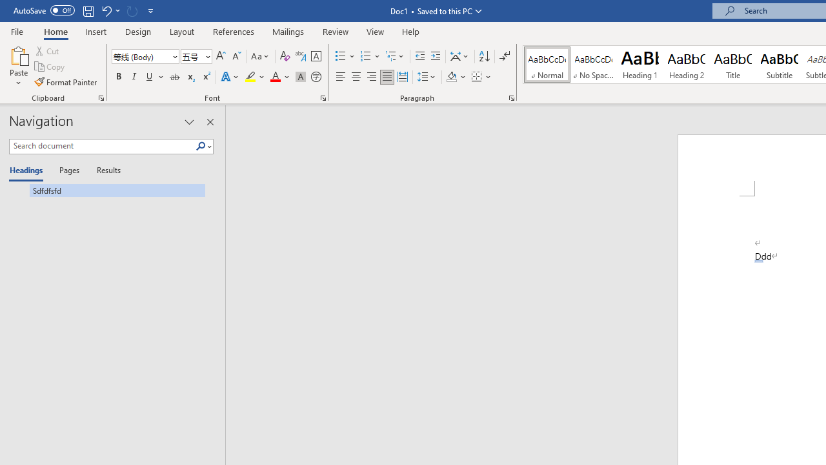  I want to click on 'Borders', so click(476, 77).